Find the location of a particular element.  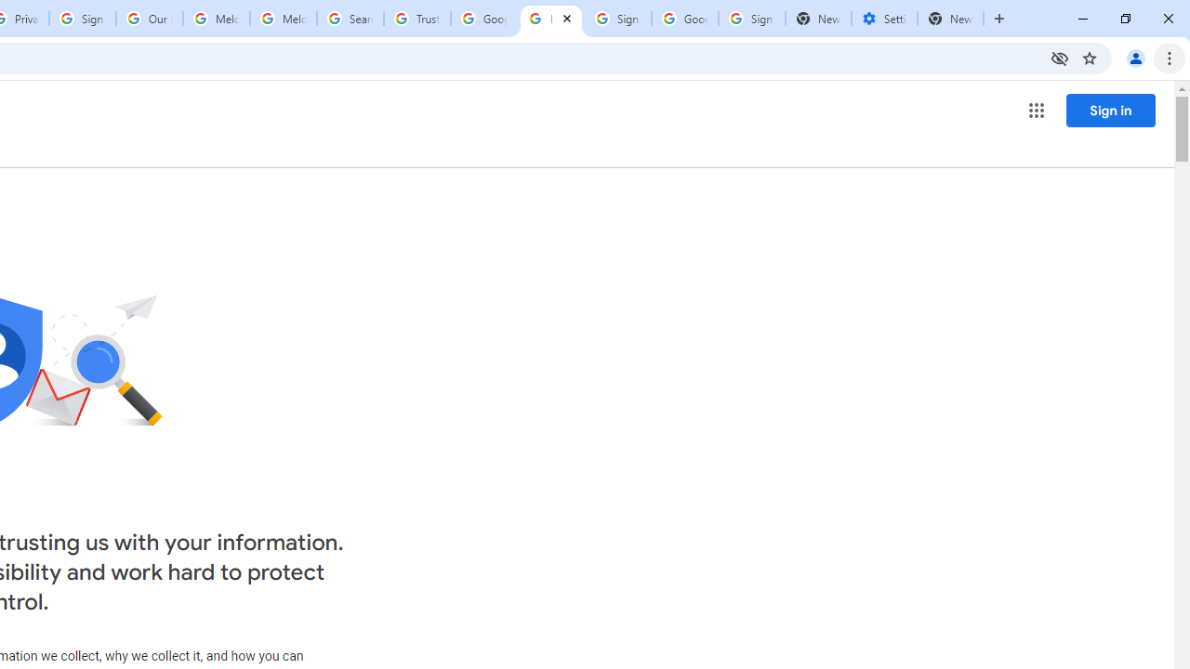

'Google Ads - Sign in' is located at coordinates (483, 19).